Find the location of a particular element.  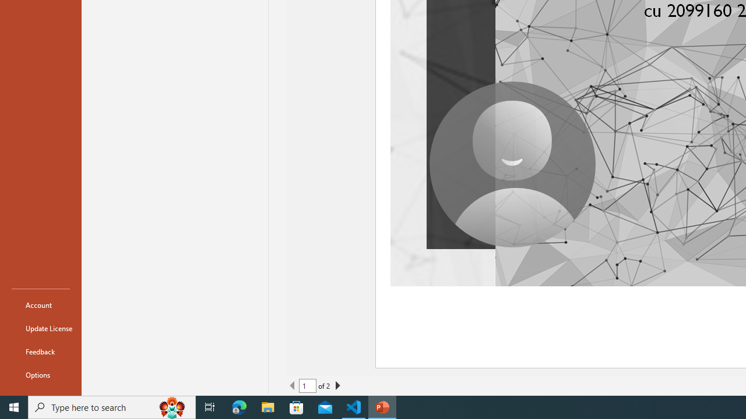

'Options' is located at coordinates (40, 375).